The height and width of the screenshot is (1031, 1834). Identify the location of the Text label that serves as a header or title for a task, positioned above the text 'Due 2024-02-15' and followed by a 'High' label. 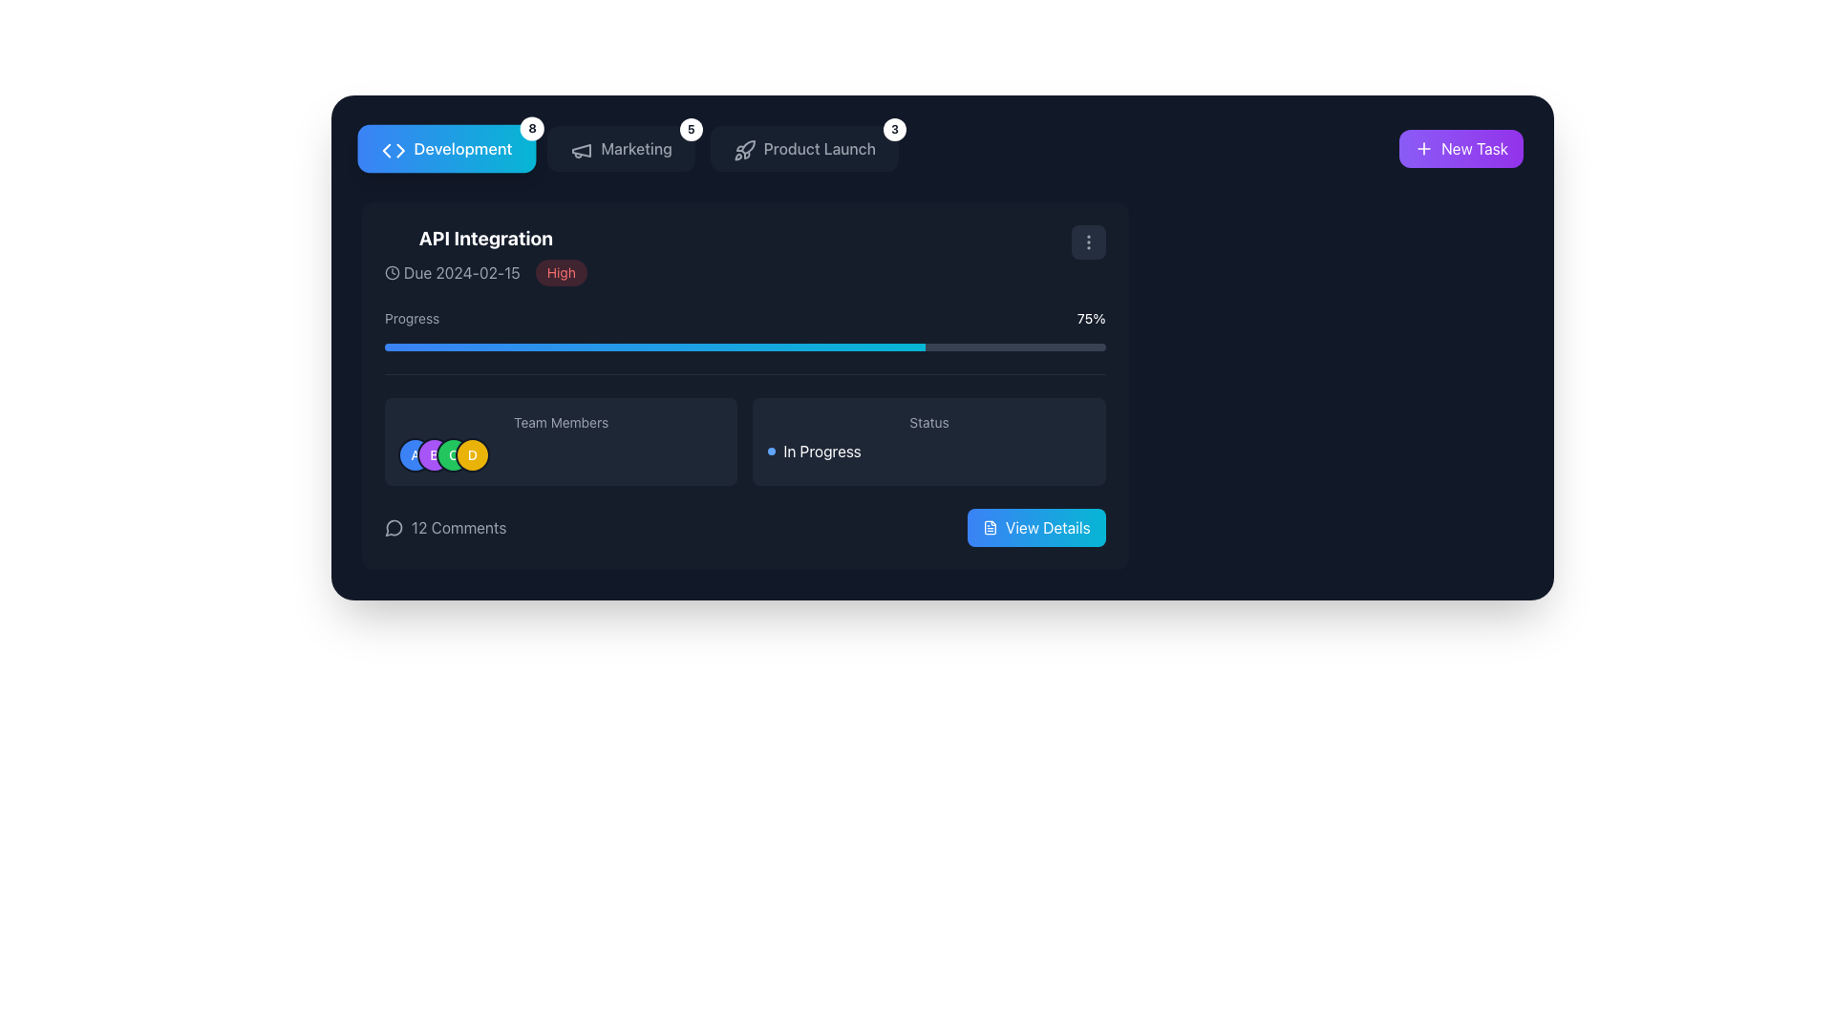
(485, 238).